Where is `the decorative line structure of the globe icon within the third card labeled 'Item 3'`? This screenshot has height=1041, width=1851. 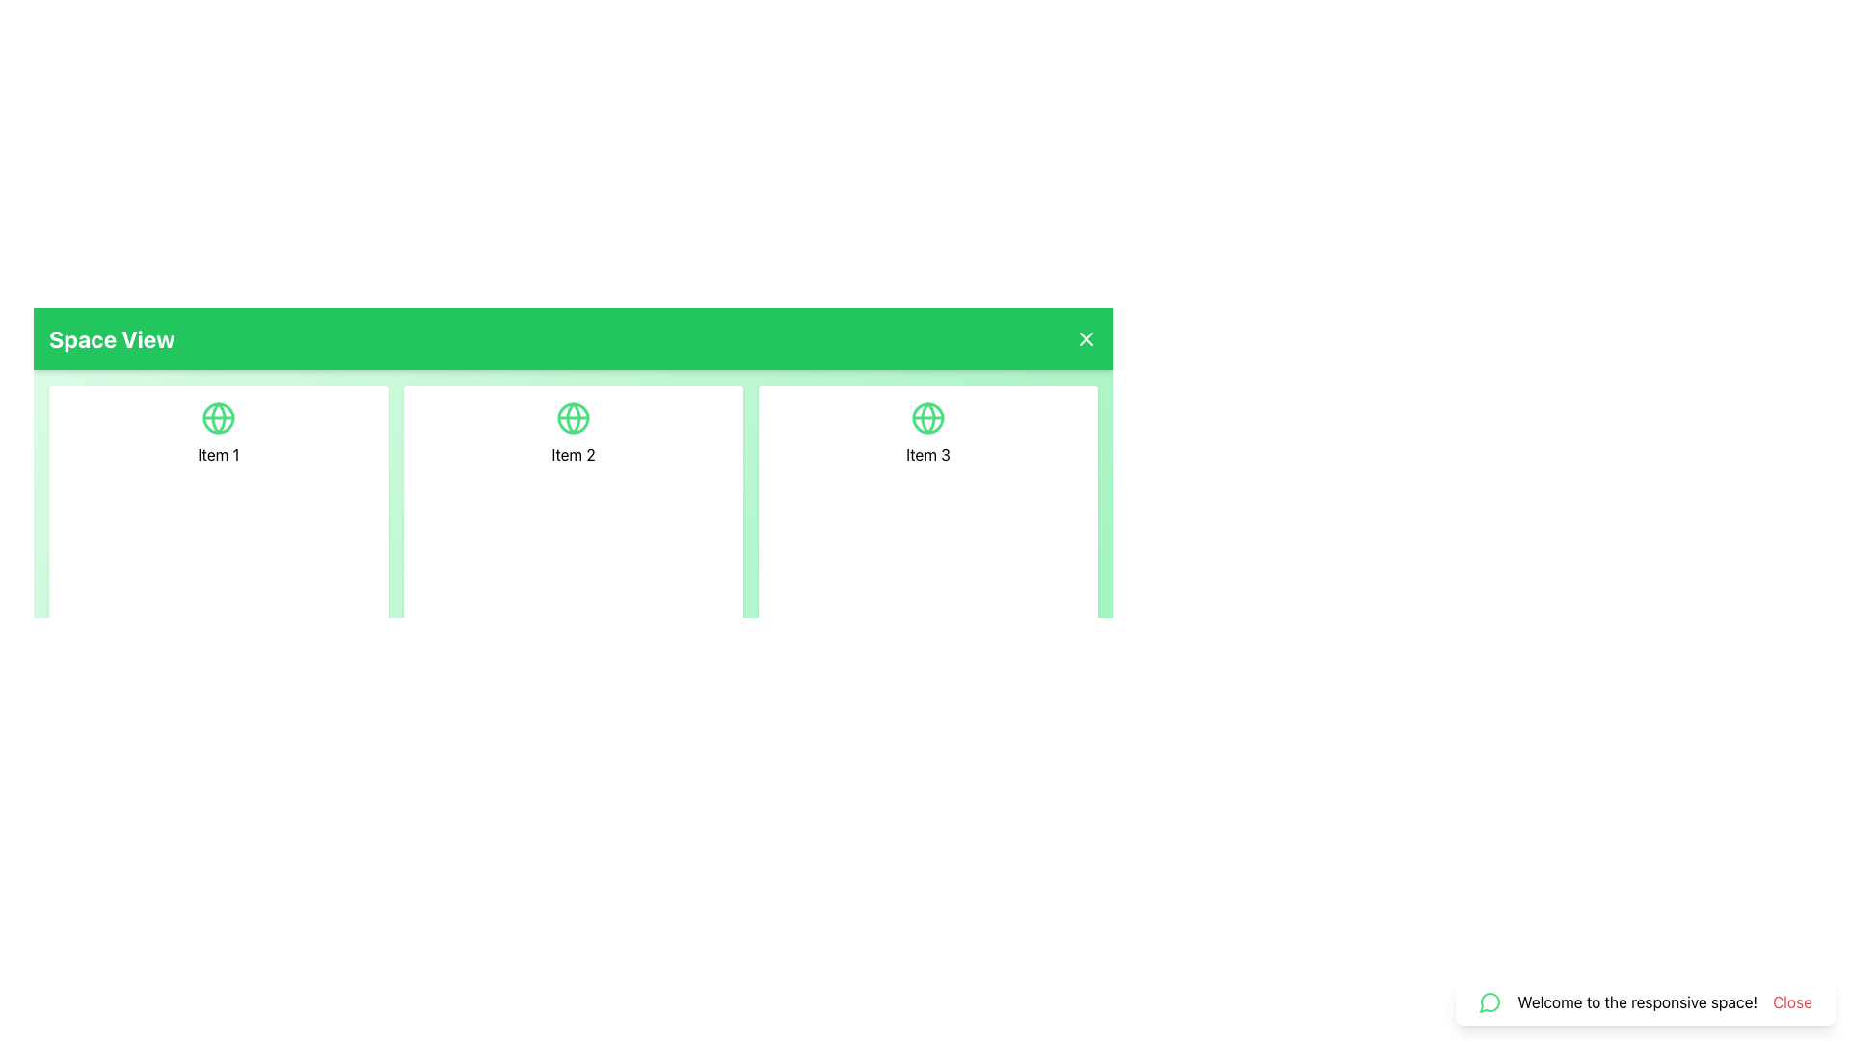
the decorative line structure of the globe icon within the third card labeled 'Item 3' is located at coordinates (928, 417).